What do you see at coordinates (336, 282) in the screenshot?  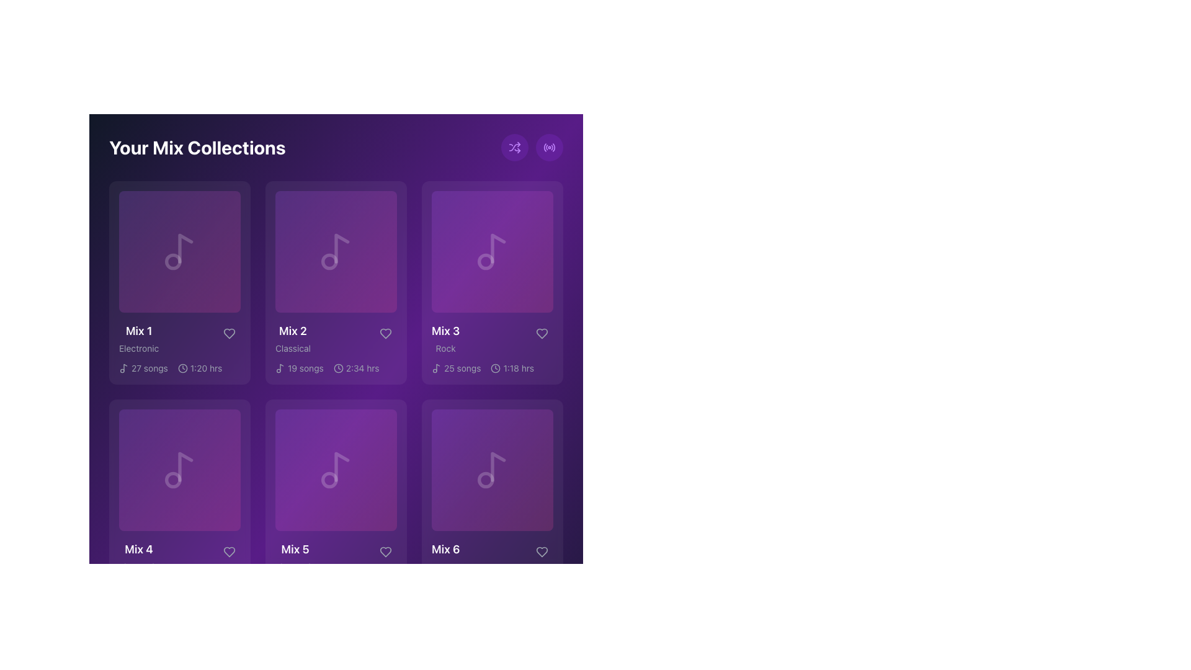 I see `the music playlist card located` at bounding box center [336, 282].